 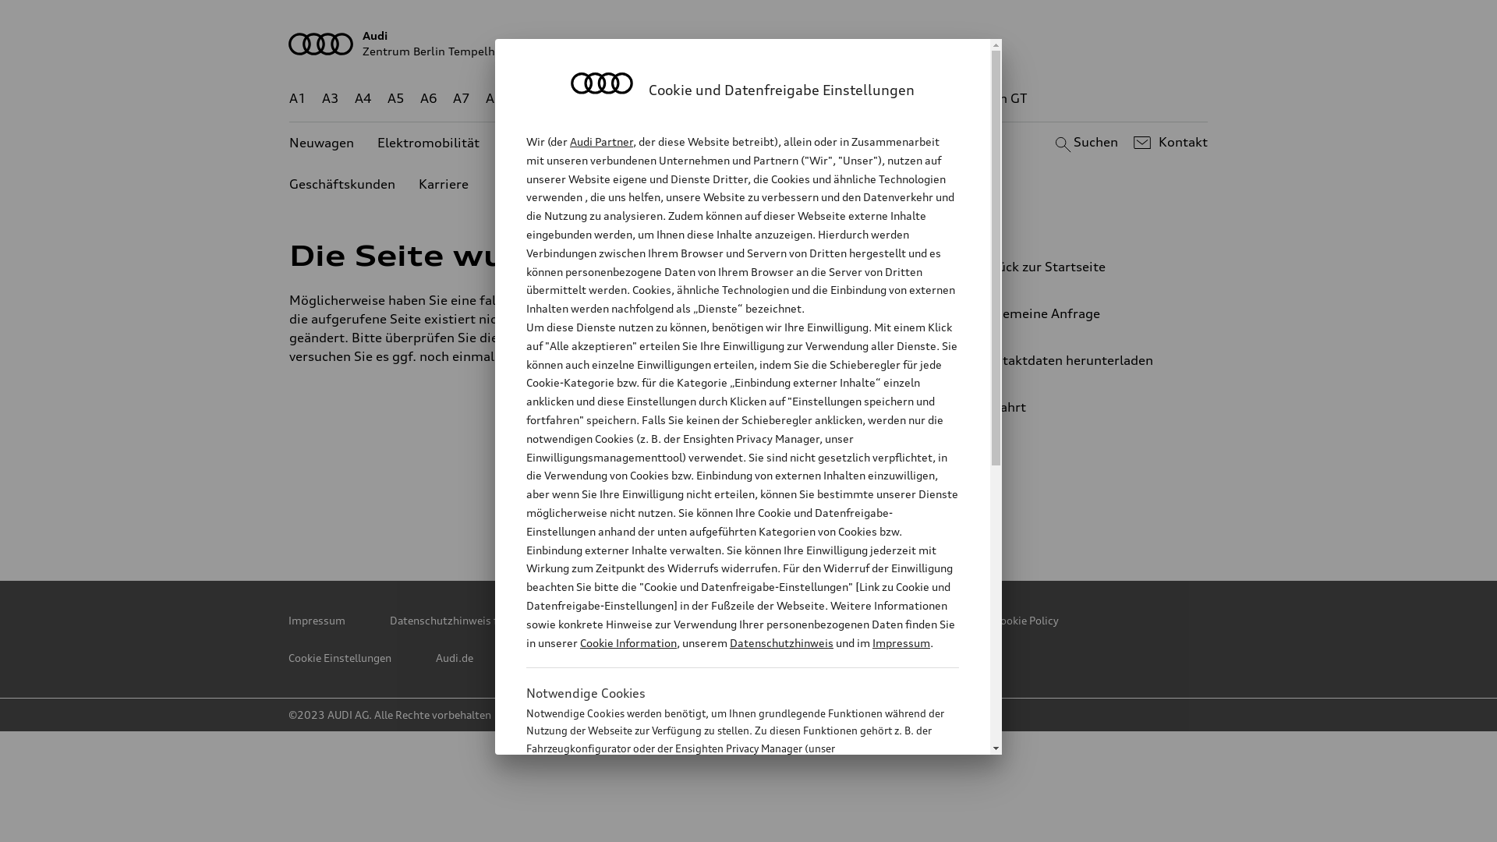 I want to click on 'Q5', so click(x=669, y=98).